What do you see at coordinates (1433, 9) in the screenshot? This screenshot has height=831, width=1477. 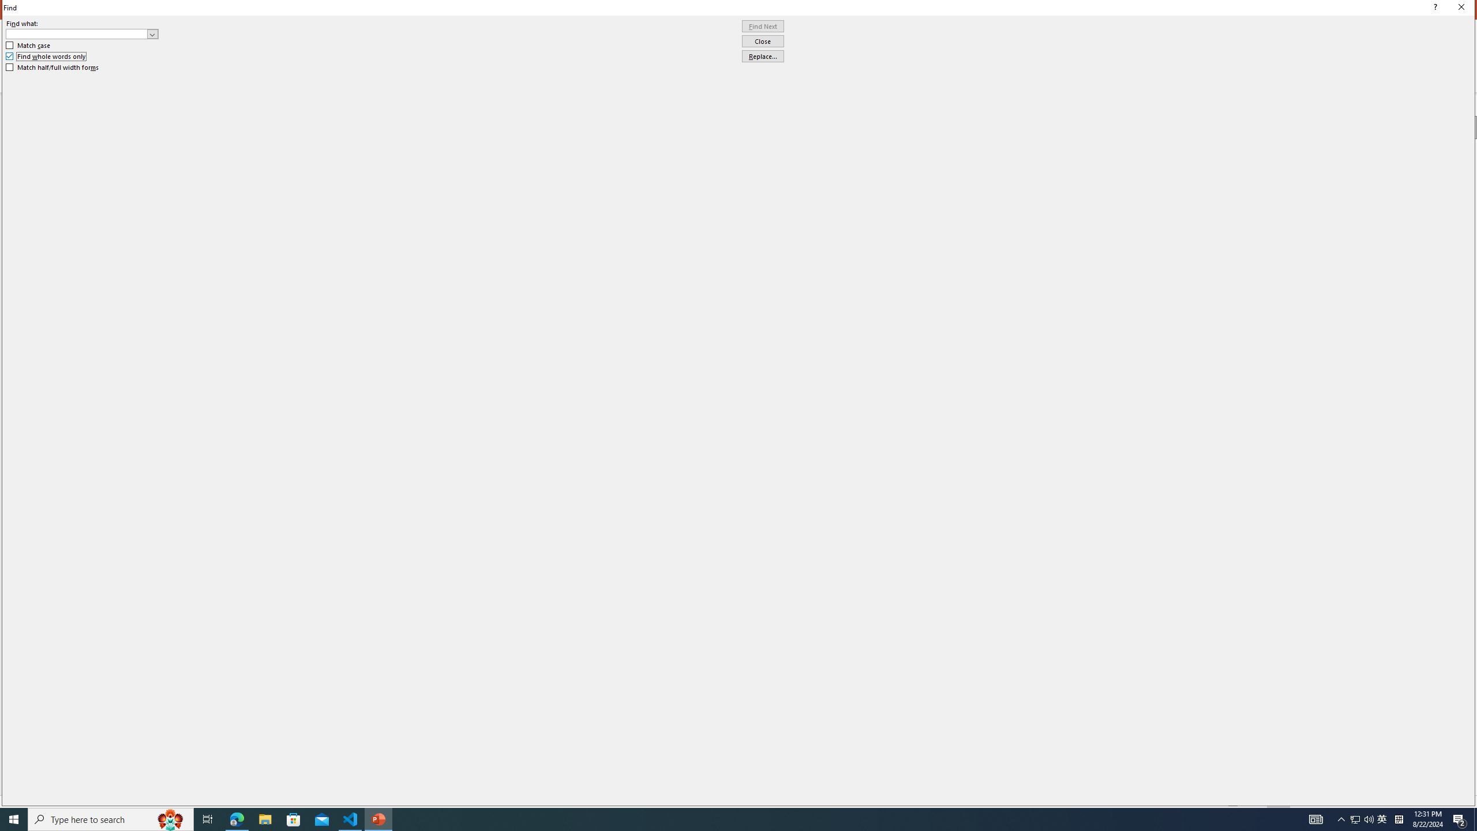 I see `'Context help'` at bounding box center [1433, 9].